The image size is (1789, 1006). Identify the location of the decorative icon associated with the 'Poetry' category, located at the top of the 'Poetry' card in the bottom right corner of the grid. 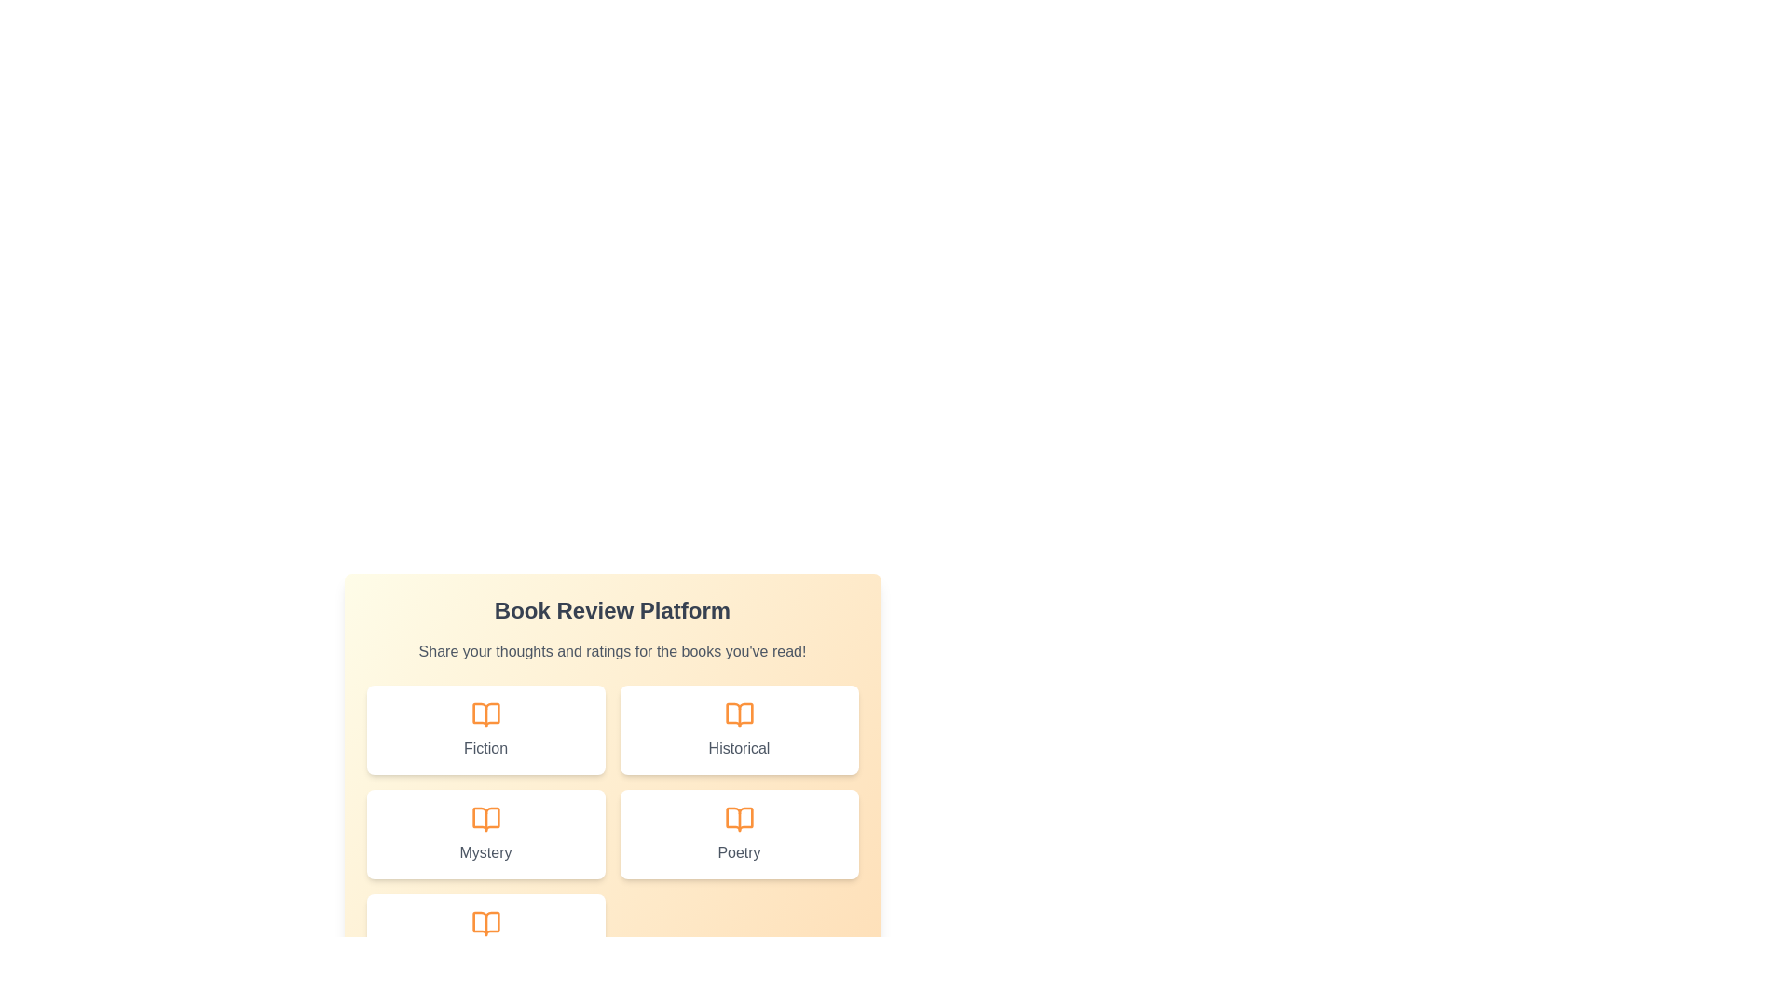
(738, 818).